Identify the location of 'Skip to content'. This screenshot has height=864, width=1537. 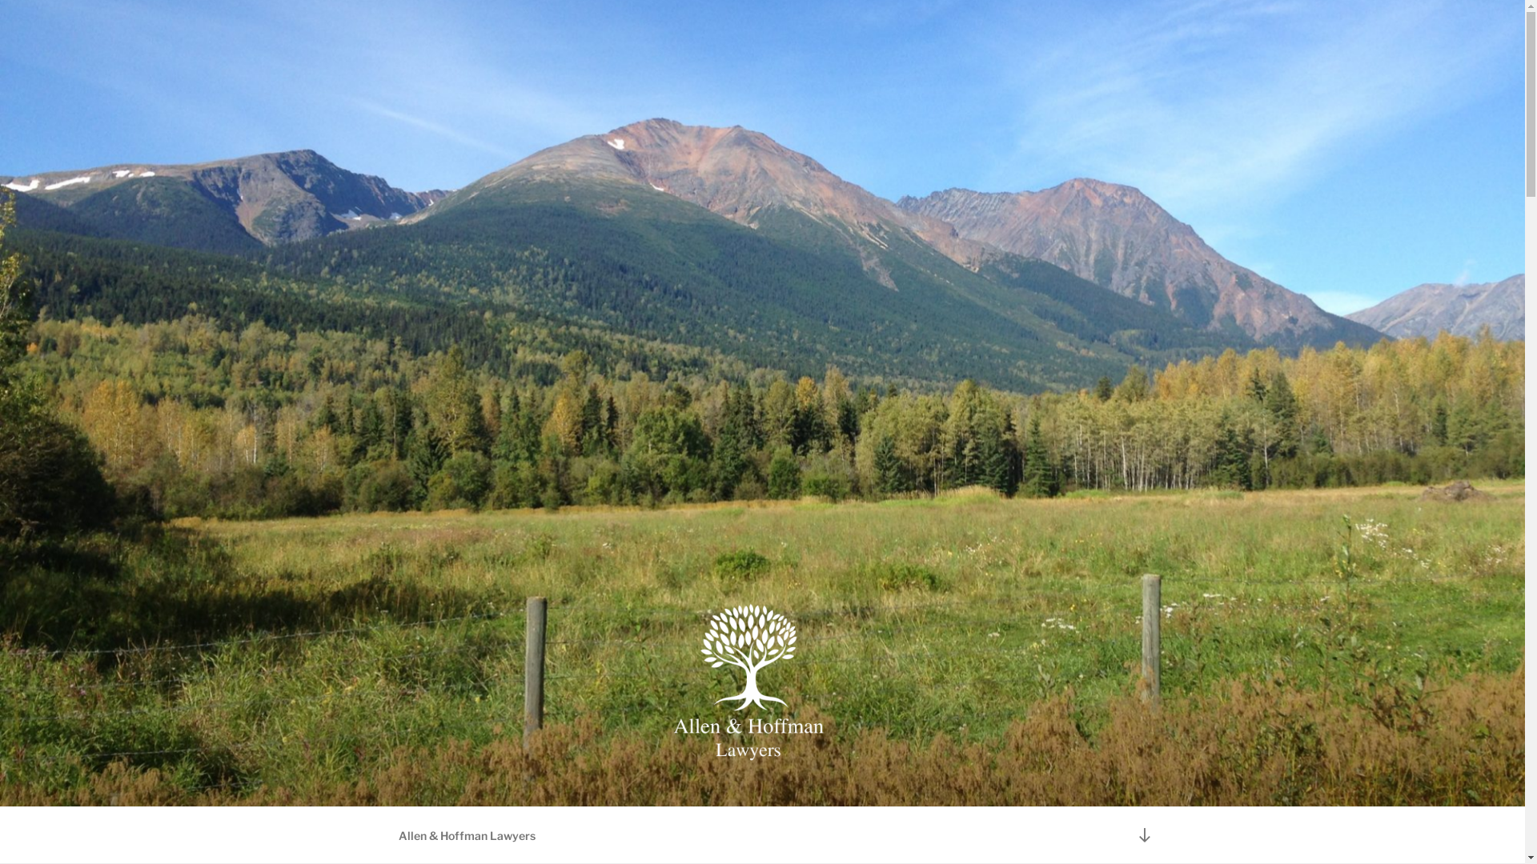
(0, 0).